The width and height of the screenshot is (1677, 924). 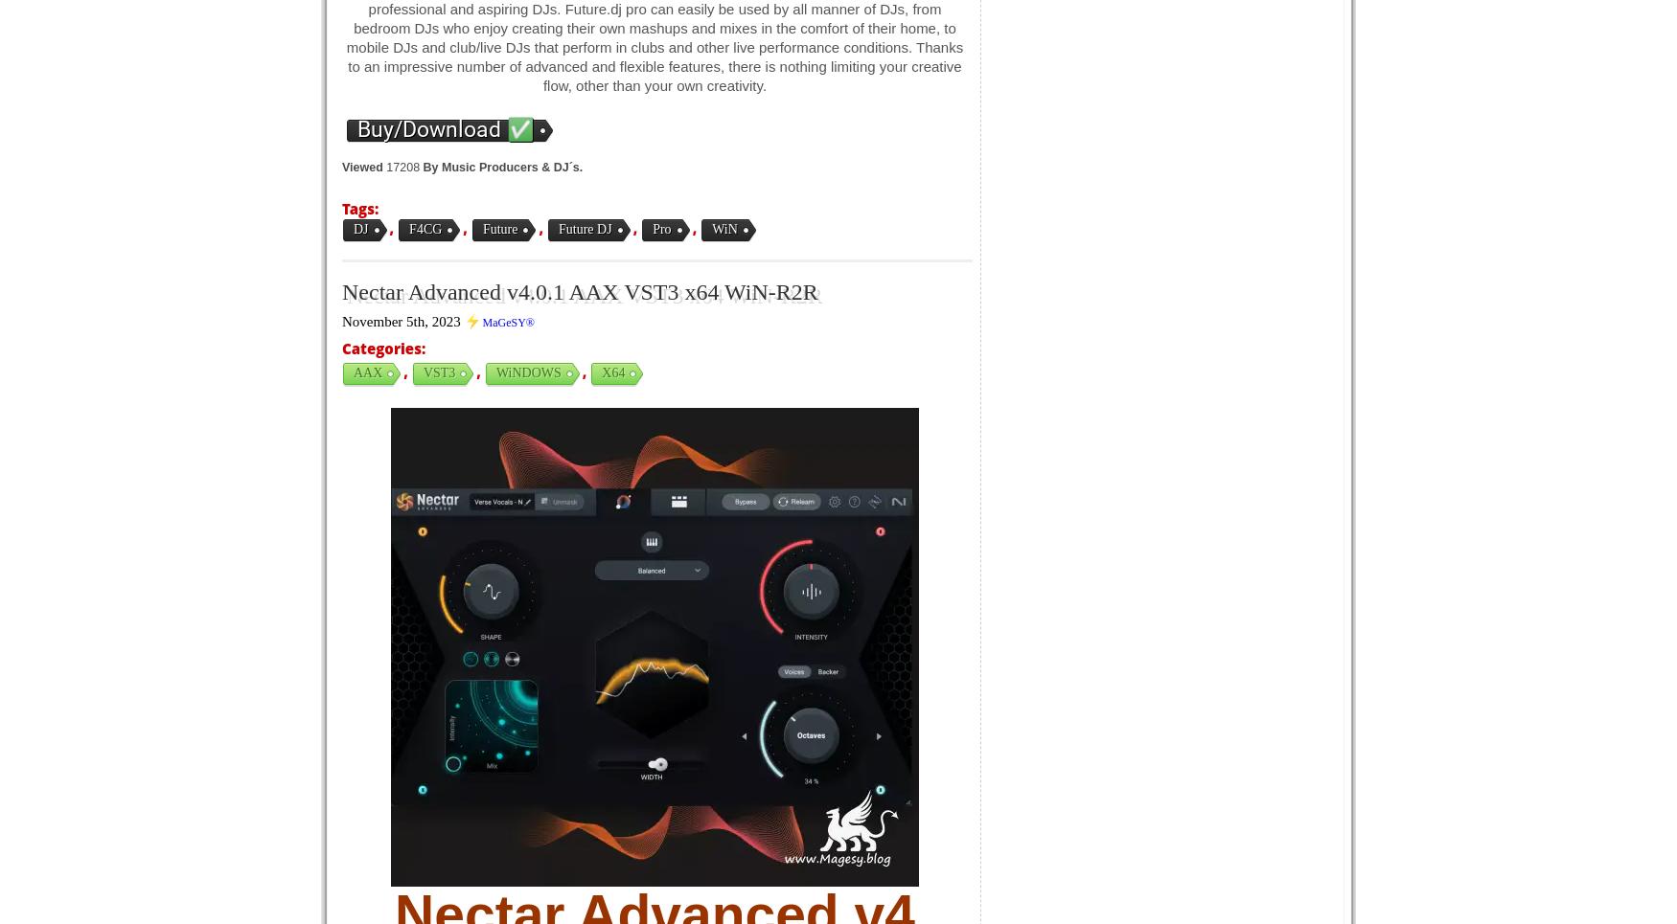 I want to click on 'Viewed', so click(x=361, y=166).